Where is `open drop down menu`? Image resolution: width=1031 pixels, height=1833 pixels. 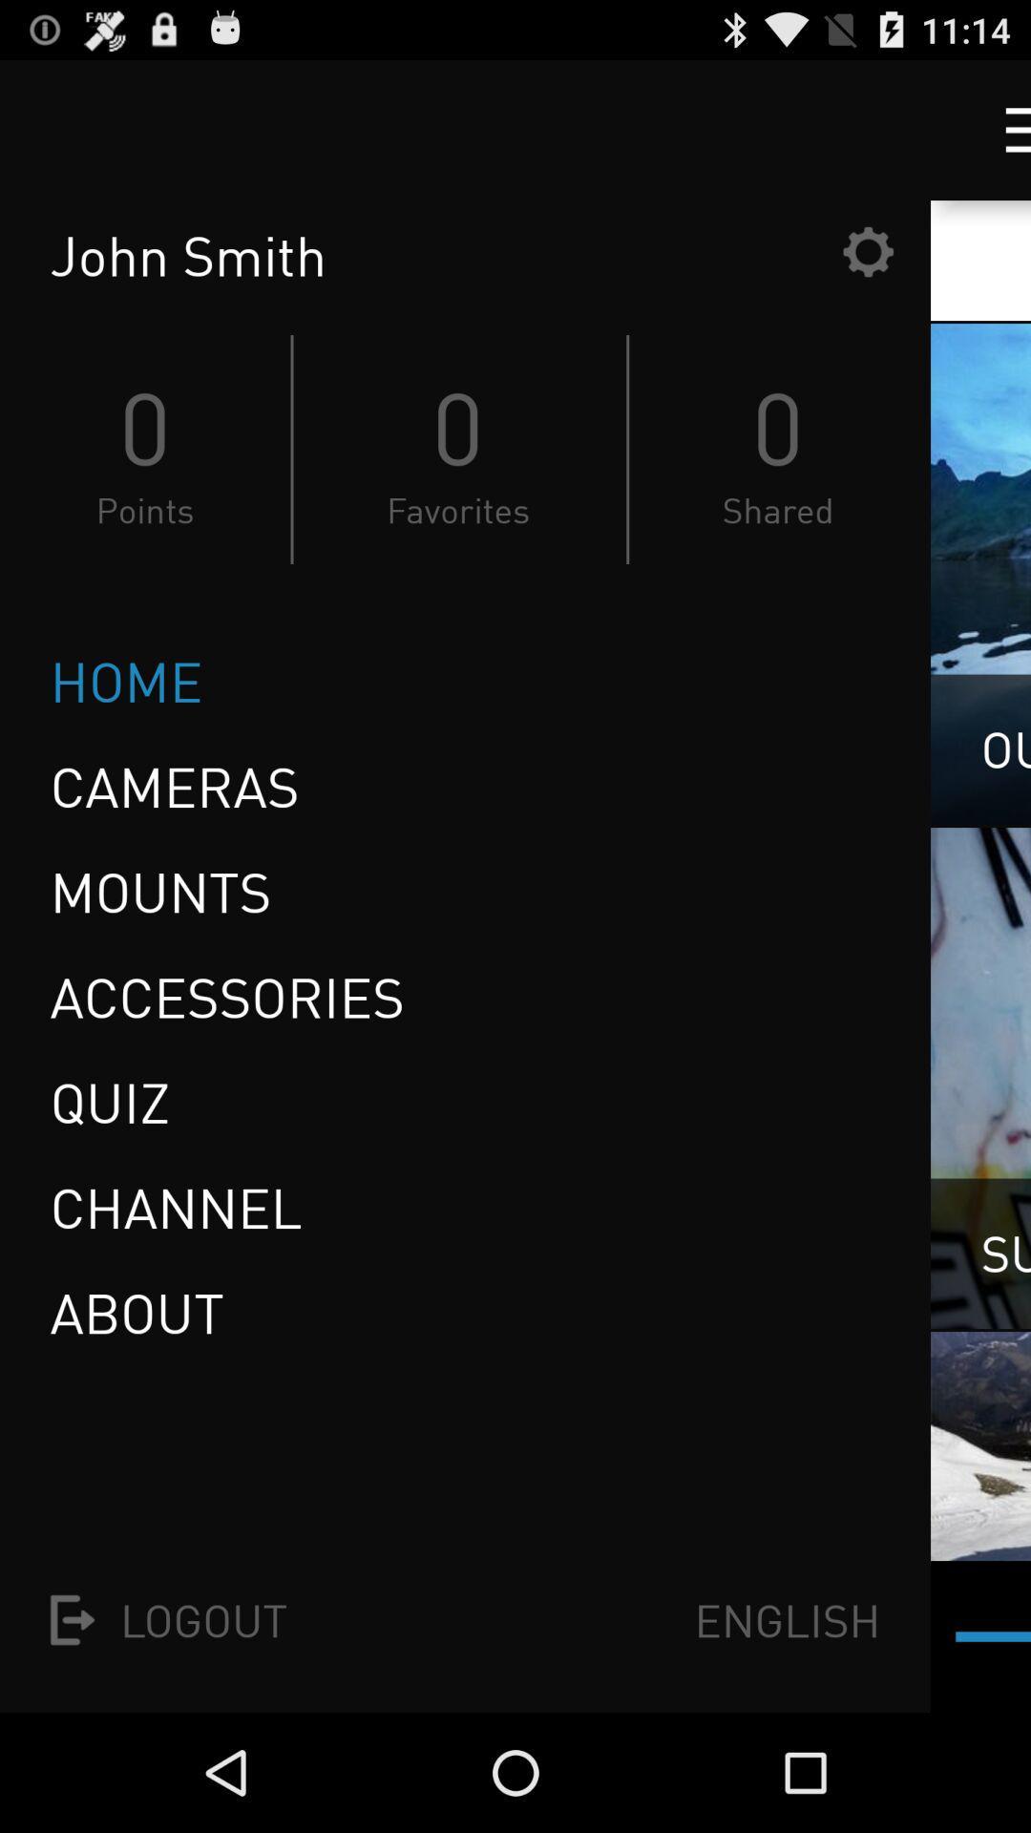 open drop down menu is located at coordinates (999, 129).